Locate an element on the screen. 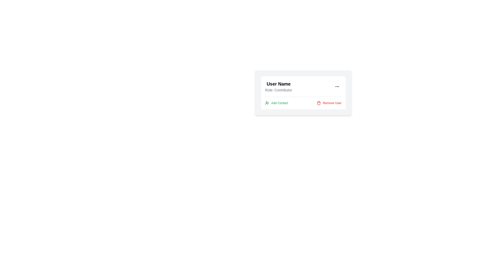 The width and height of the screenshot is (489, 275). text displayed in the text label showing 'Role: Contributor', which is positioned beneath 'User Name' is located at coordinates (278, 90).